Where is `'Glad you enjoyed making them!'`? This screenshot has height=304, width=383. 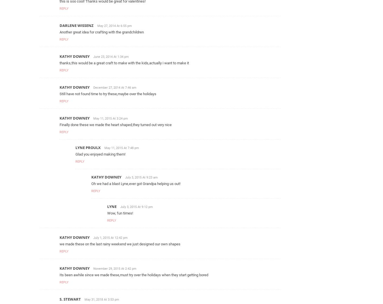
'Glad you enjoyed making them!' is located at coordinates (100, 154).